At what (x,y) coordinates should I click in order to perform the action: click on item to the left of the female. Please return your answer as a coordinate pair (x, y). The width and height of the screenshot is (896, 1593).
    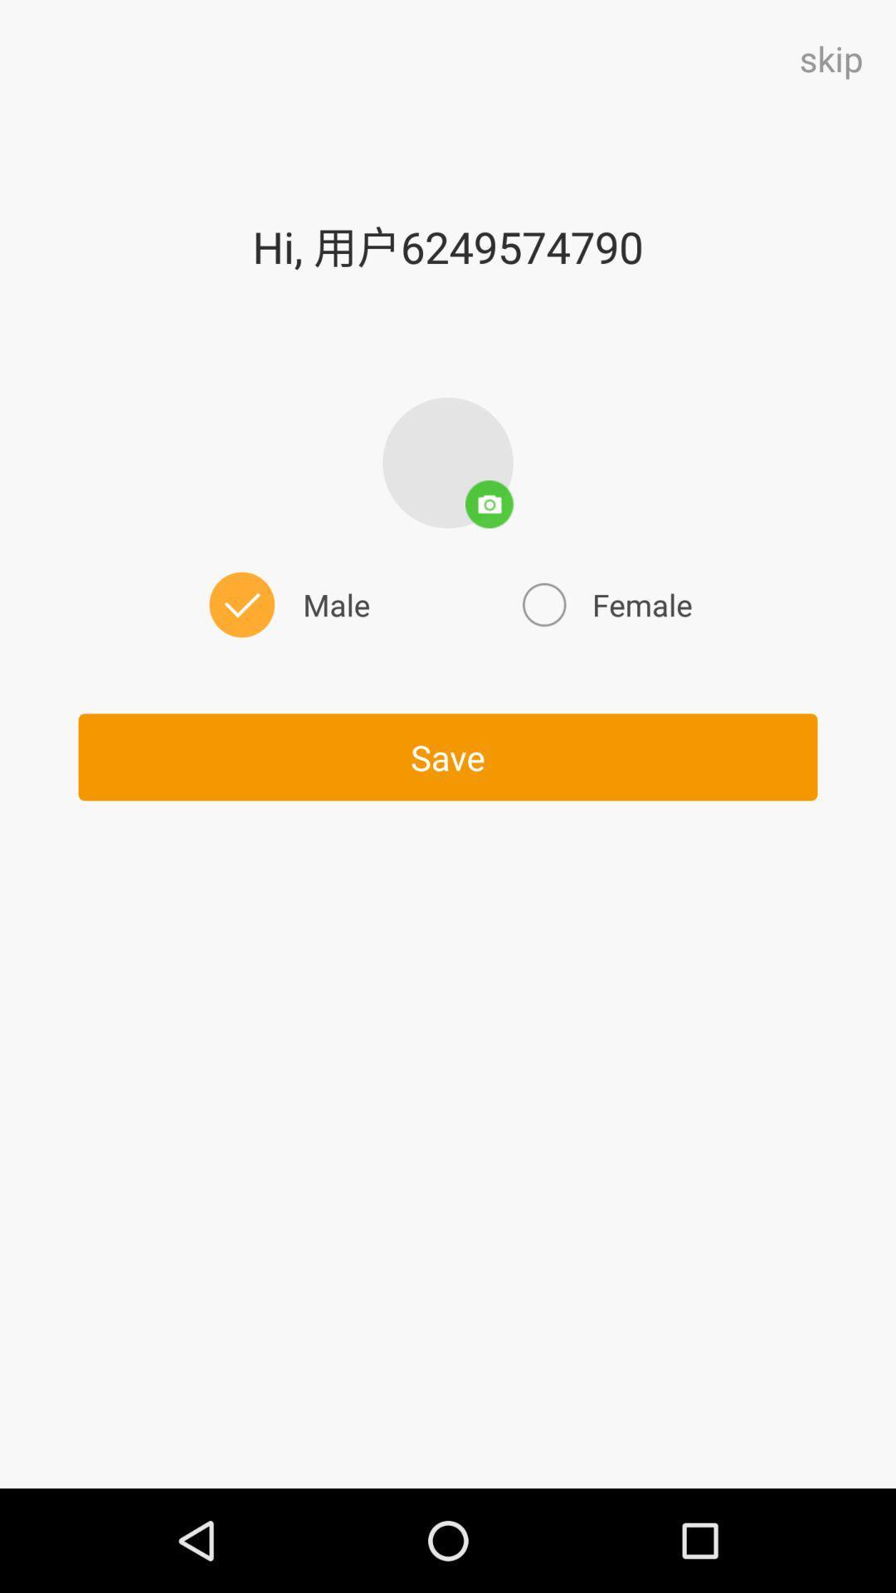
    Looking at the image, I should click on (285, 604).